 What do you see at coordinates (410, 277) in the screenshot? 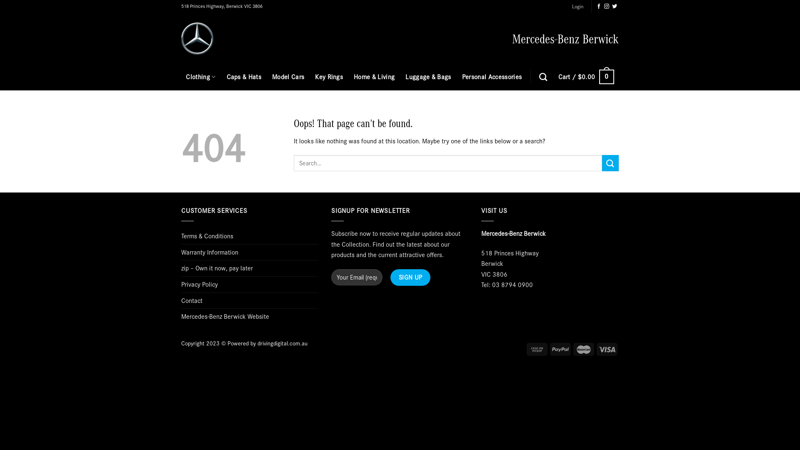
I see `'Sign Up'` at bounding box center [410, 277].